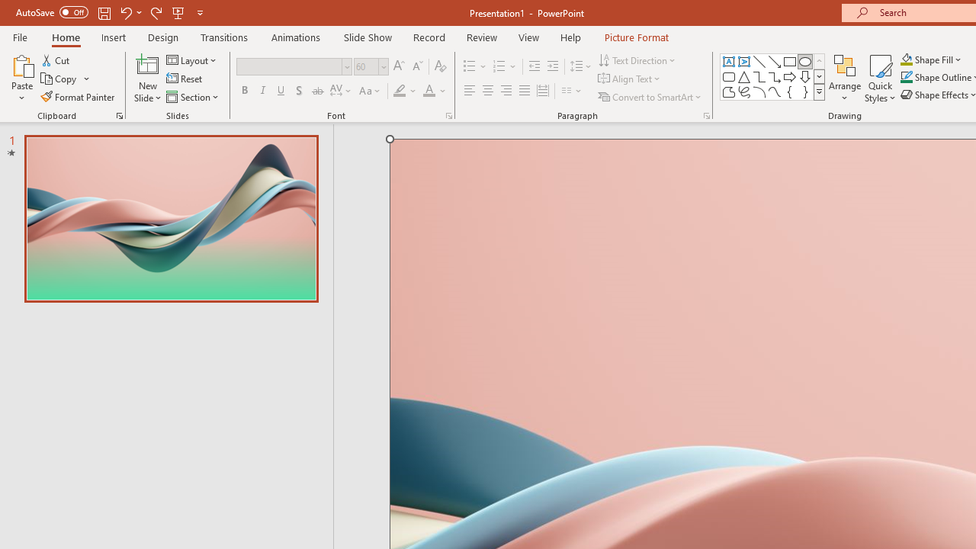 Image resolution: width=976 pixels, height=549 pixels. I want to click on 'Picture Format', so click(637, 37).